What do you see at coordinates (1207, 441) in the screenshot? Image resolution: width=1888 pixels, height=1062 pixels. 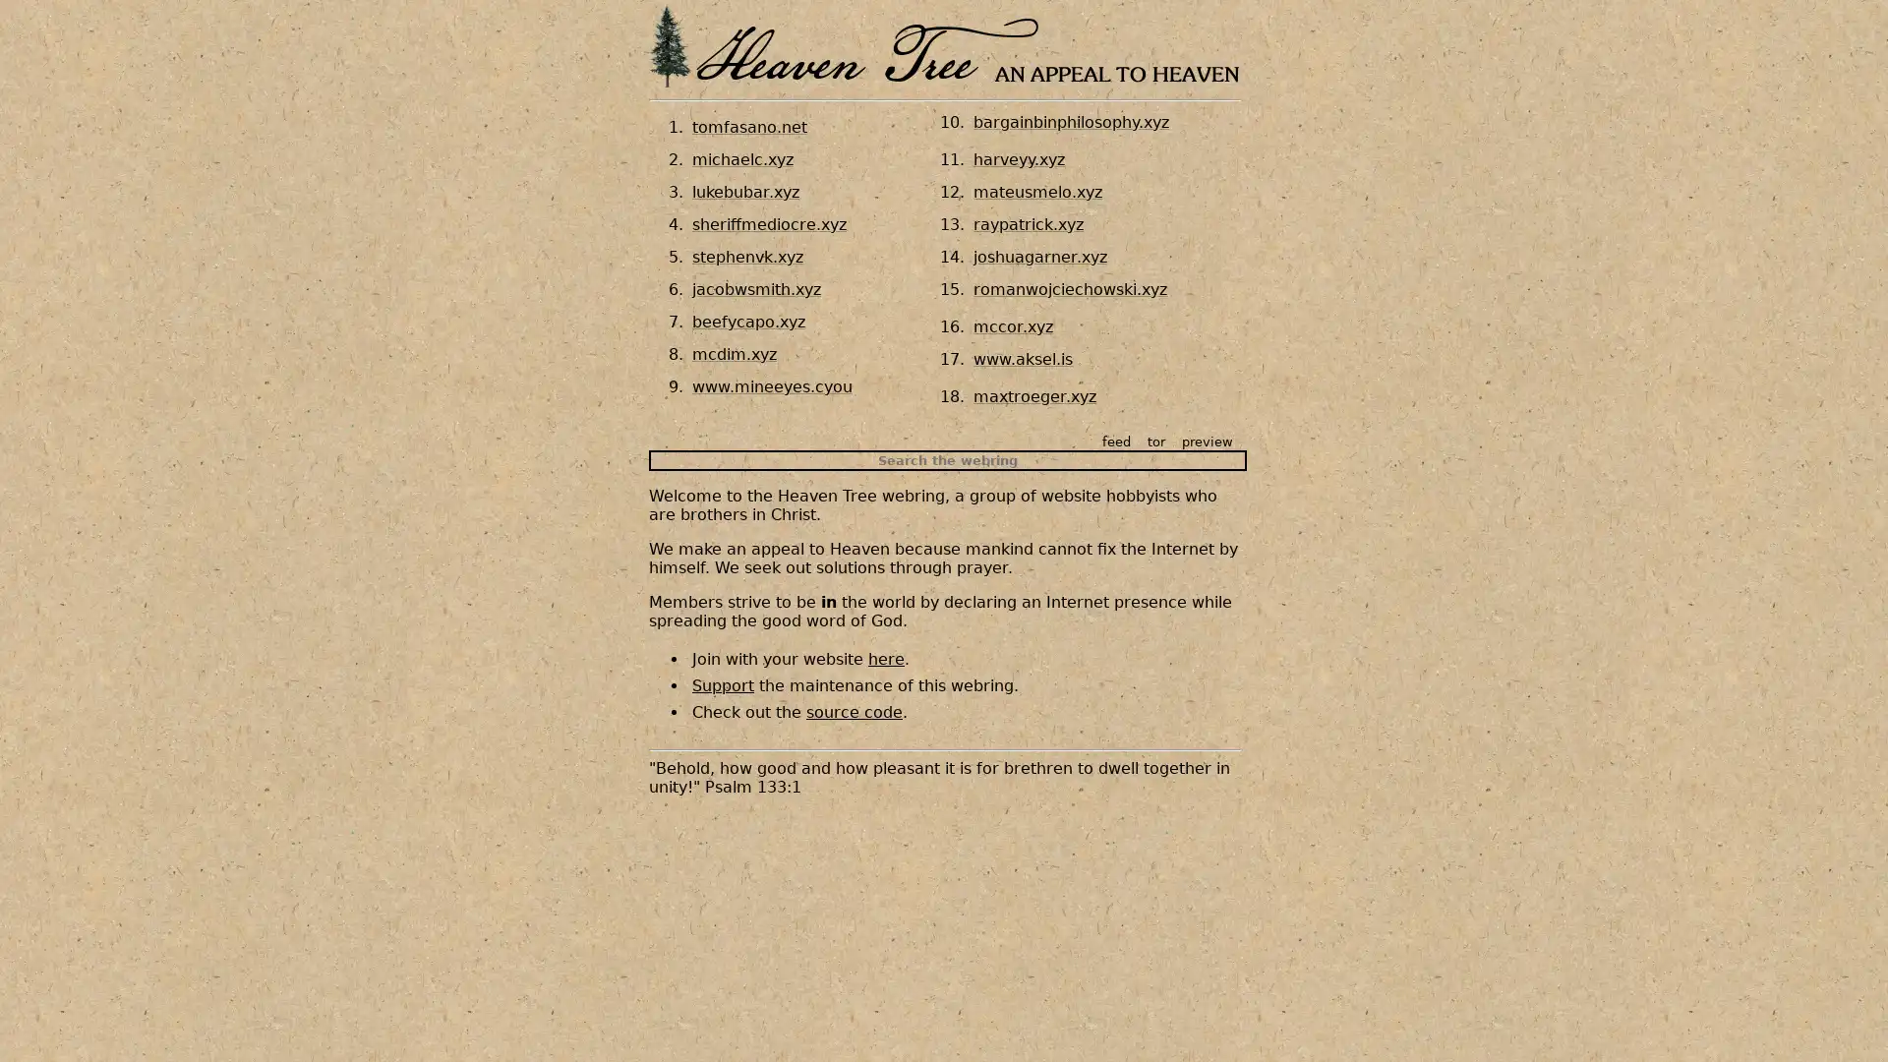 I see `preview` at bounding box center [1207, 441].